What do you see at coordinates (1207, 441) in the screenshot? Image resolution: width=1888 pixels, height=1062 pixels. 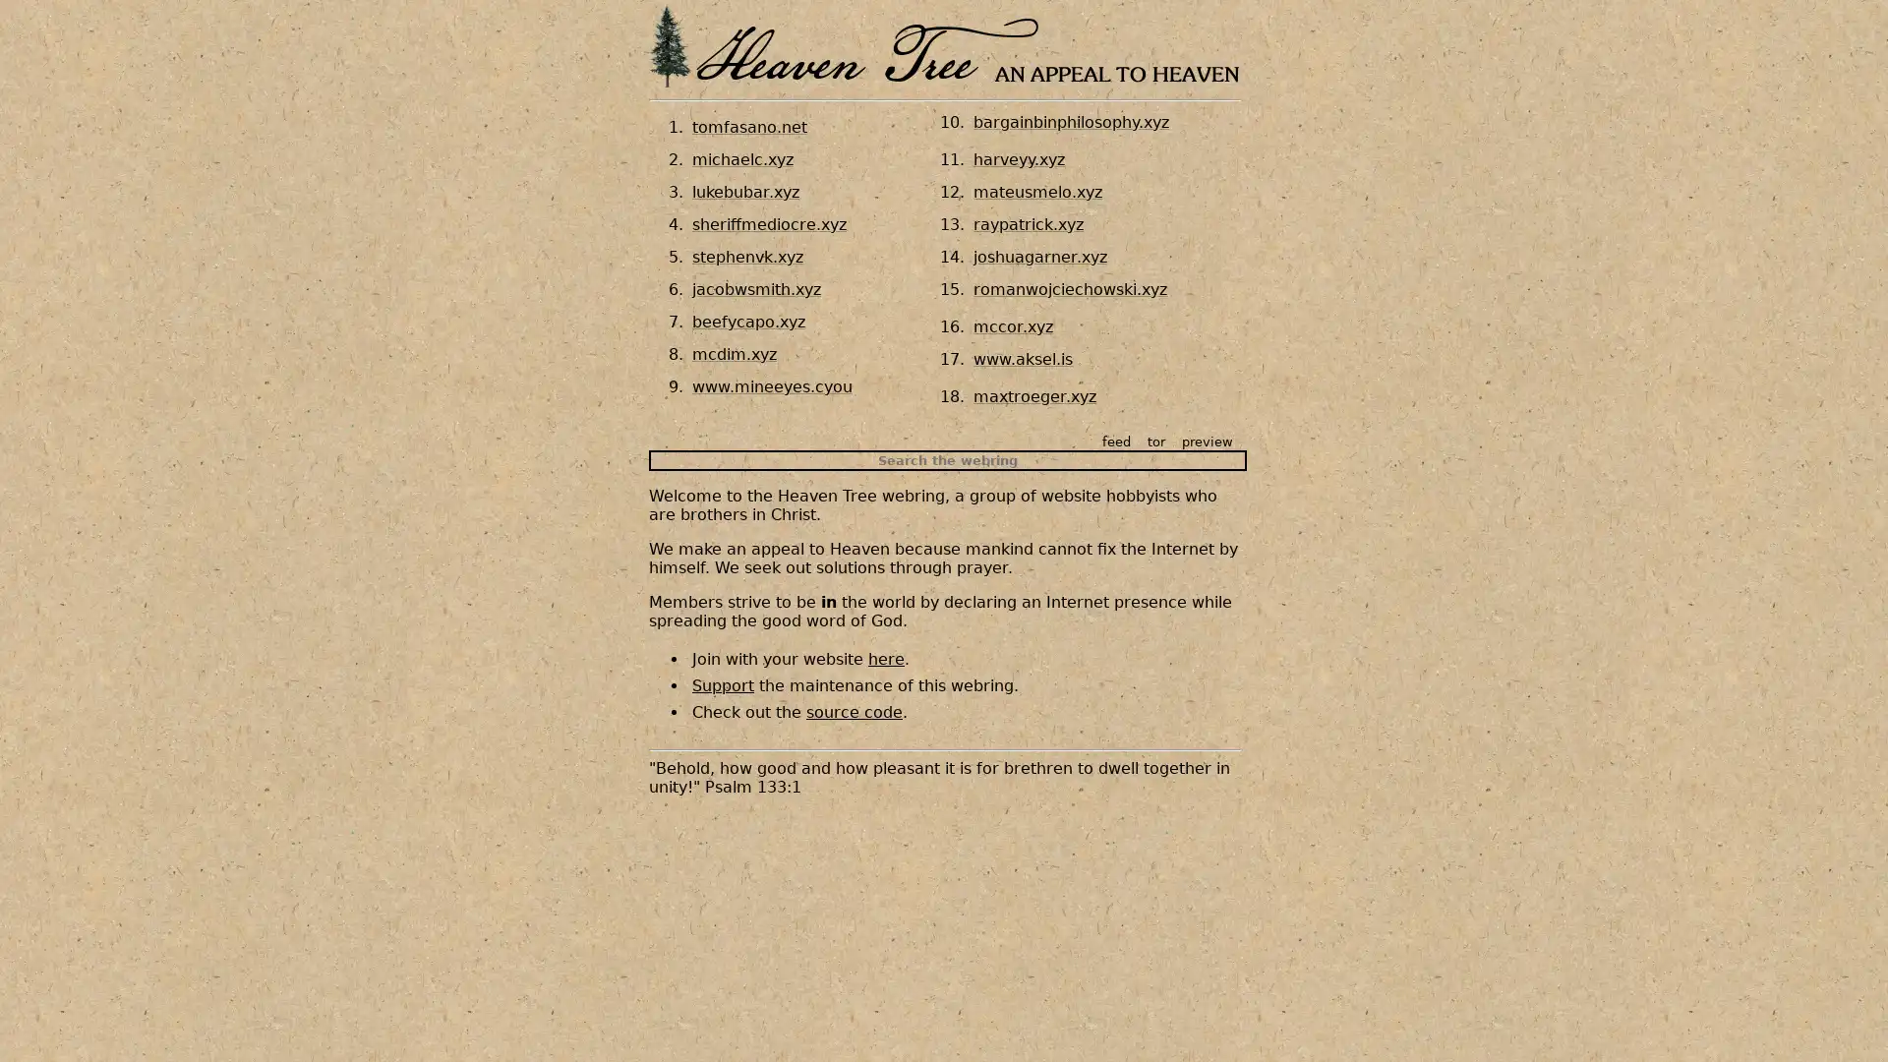 I see `preview` at bounding box center [1207, 441].